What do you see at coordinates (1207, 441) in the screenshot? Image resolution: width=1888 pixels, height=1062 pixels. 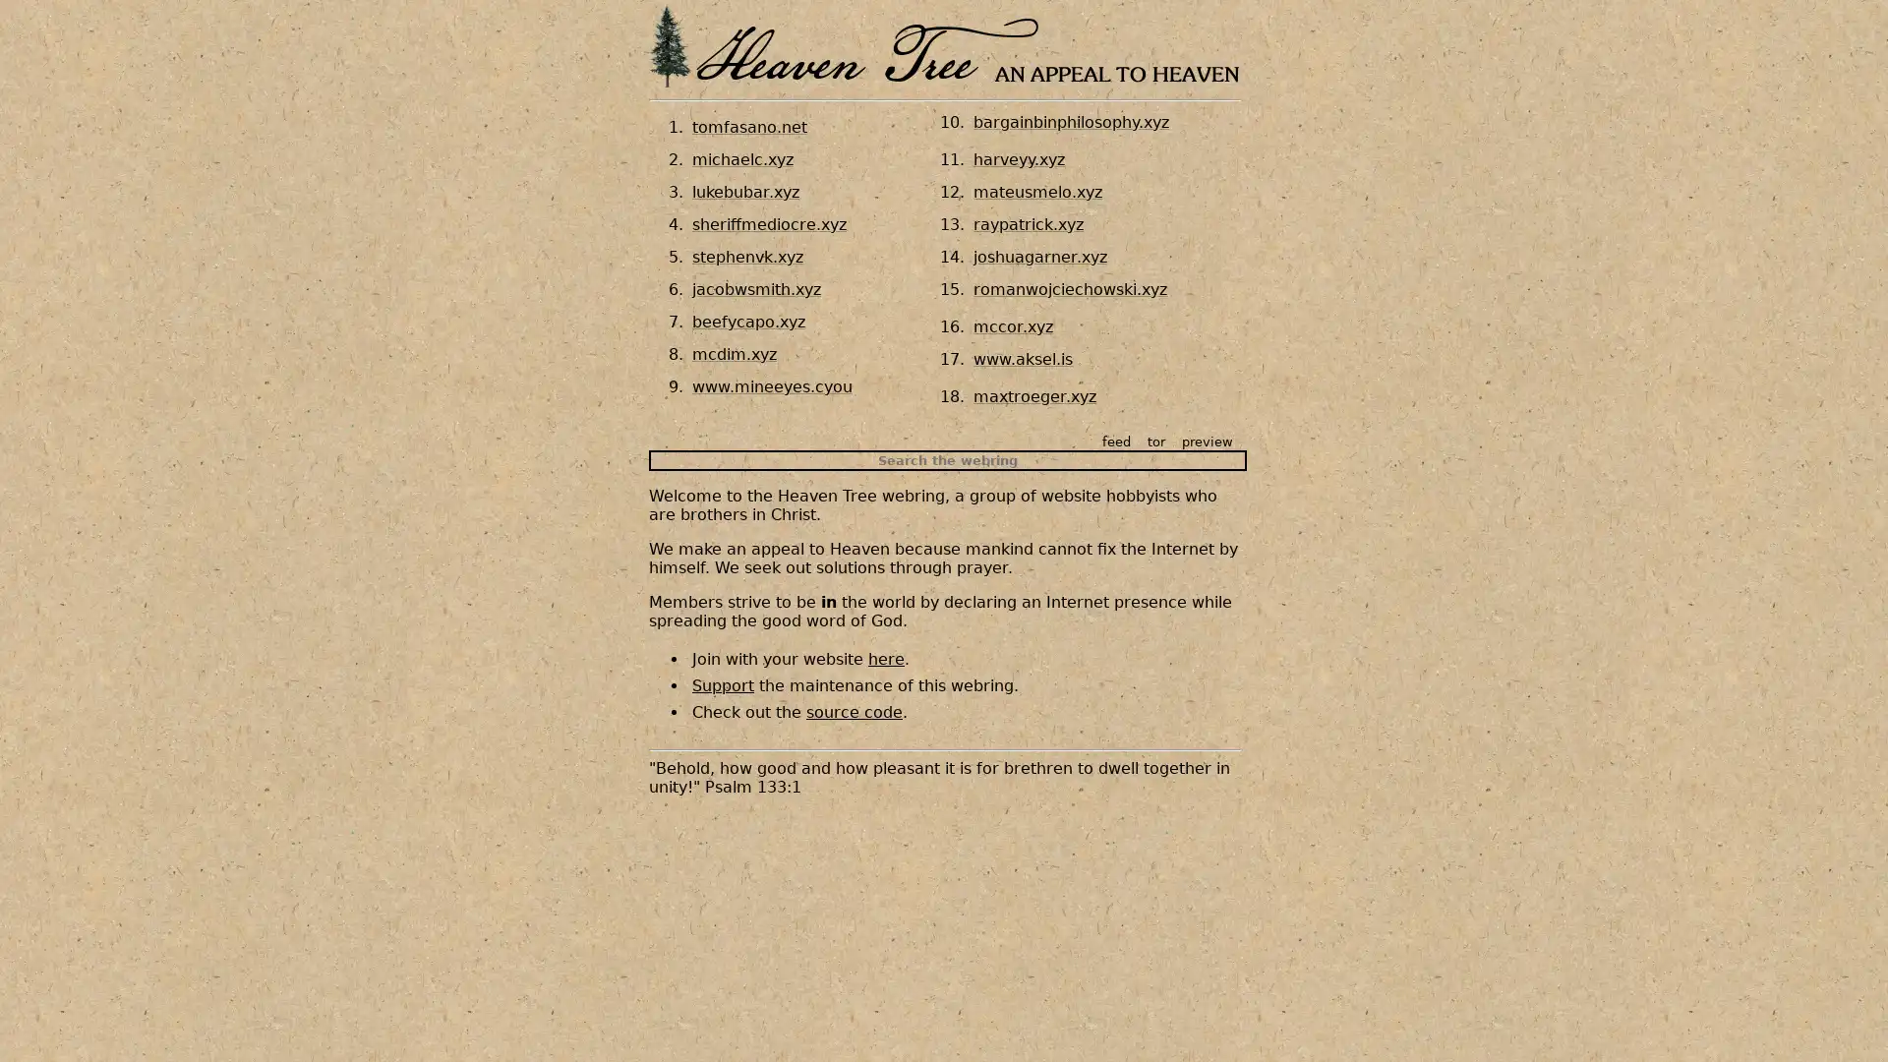 I see `preview` at bounding box center [1207, 441].